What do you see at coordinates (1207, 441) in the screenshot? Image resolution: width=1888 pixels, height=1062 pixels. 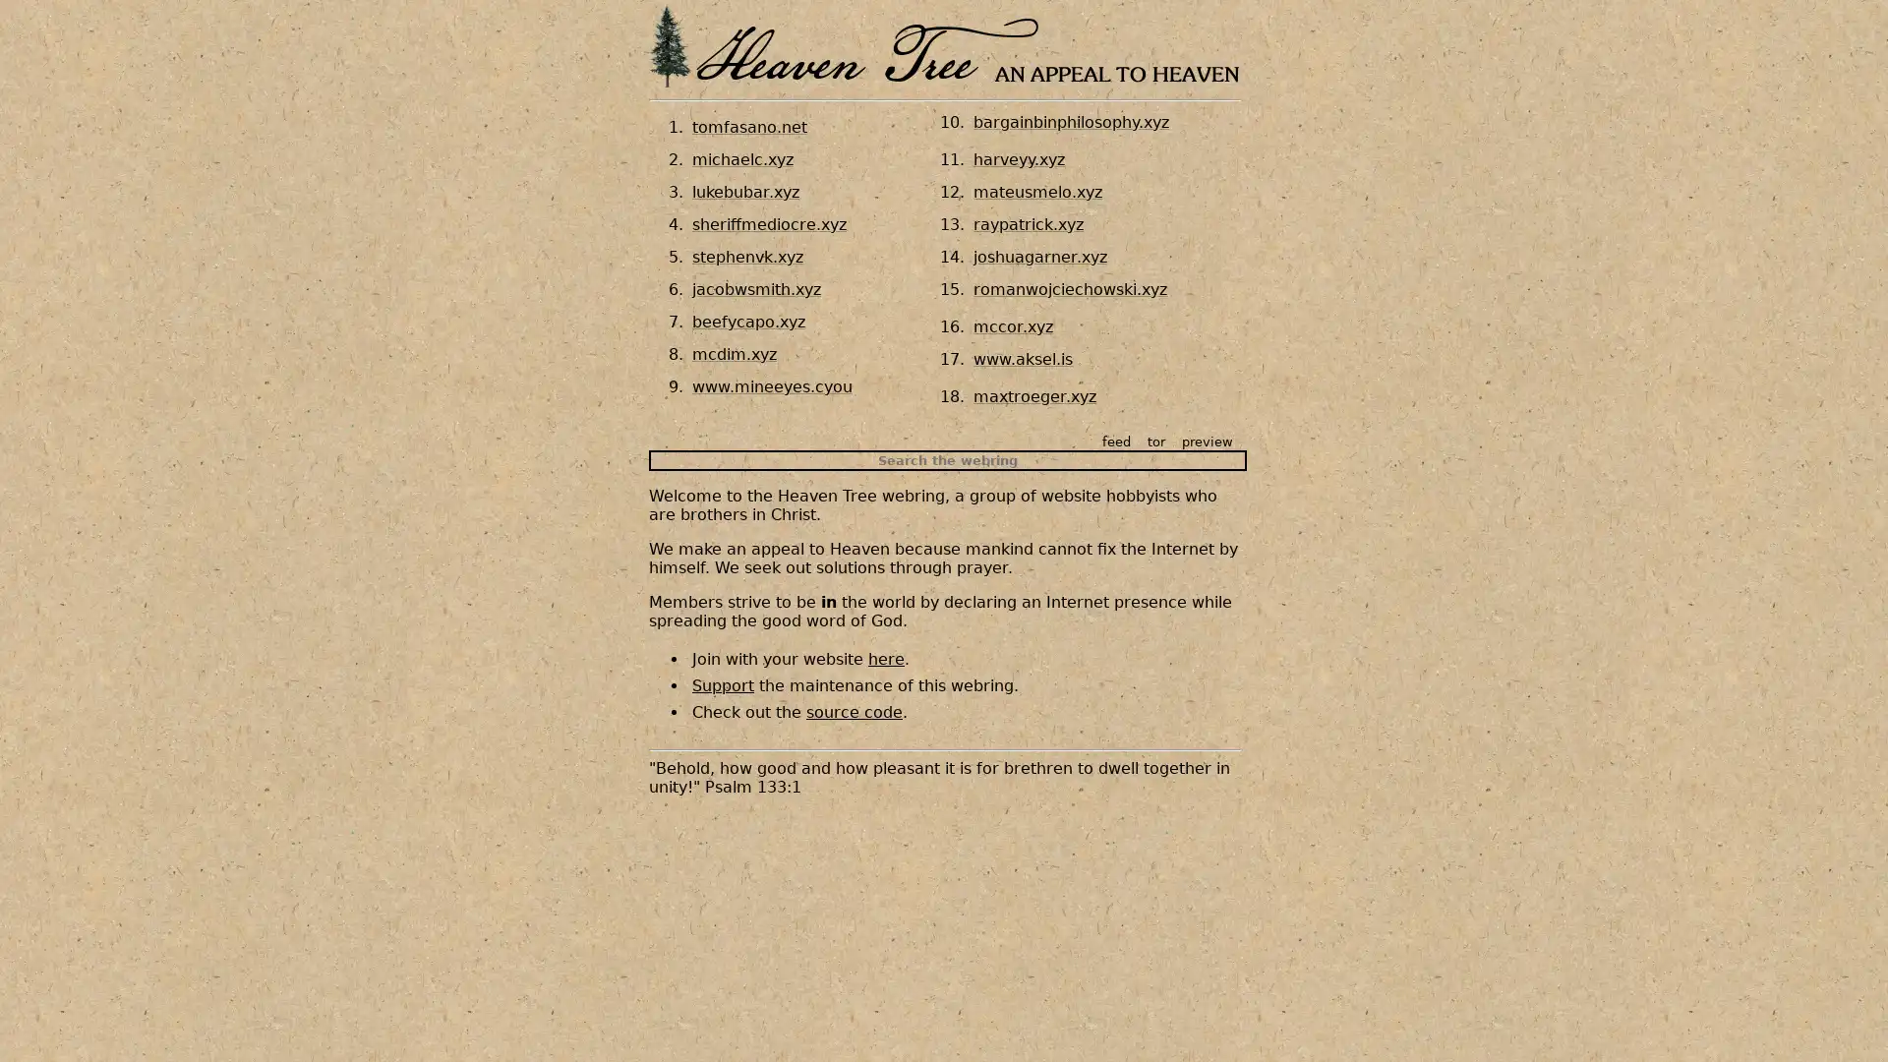 I see `preview` at bounding box center [1207, 441].